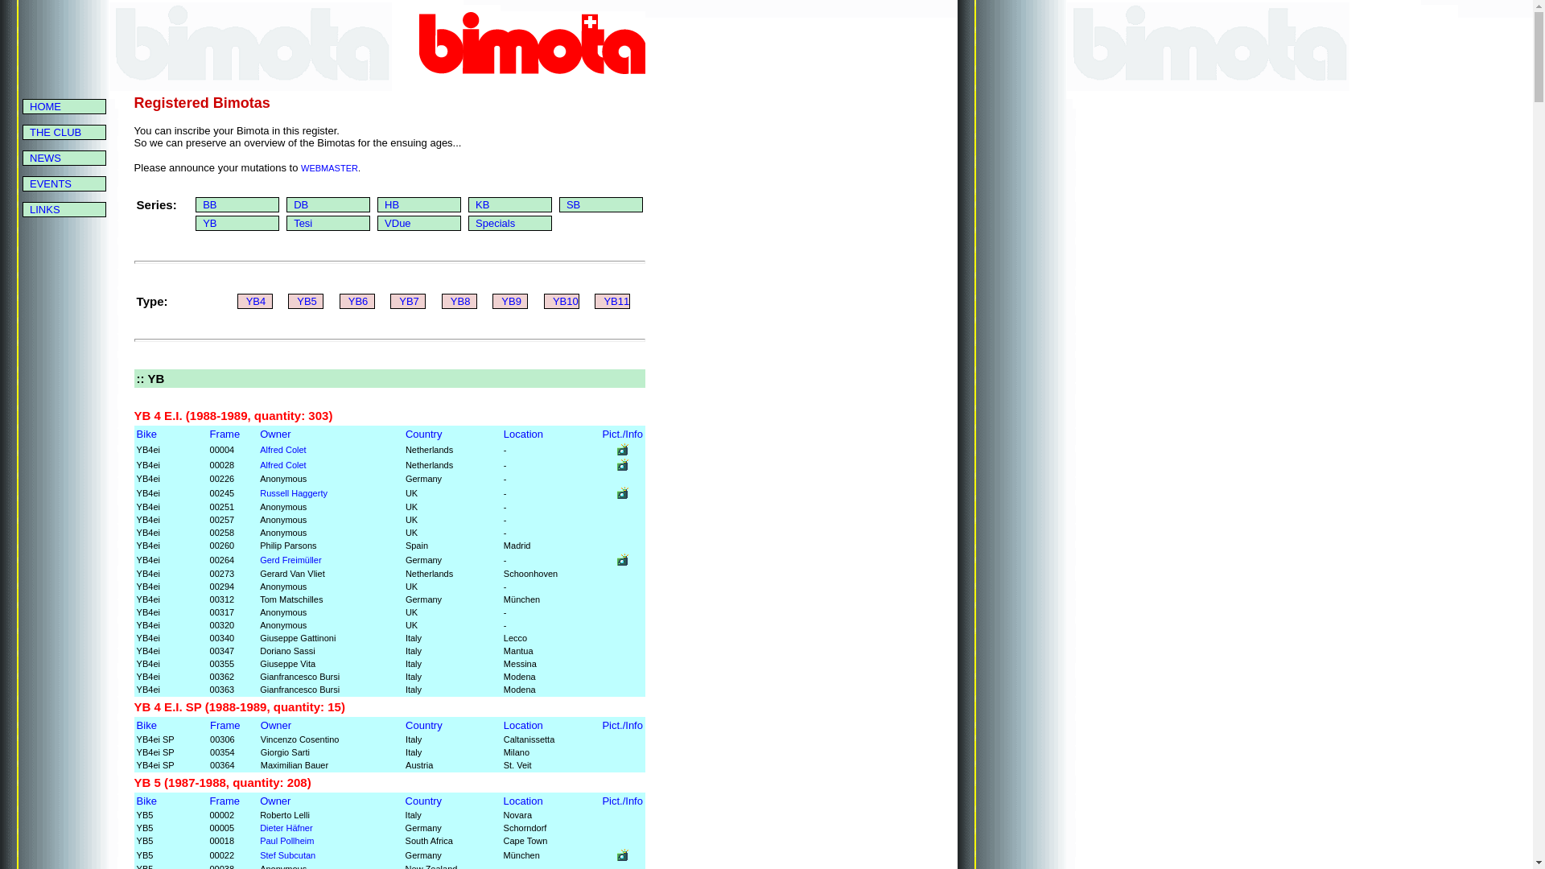 This screenshot has width=1545, height=869. What do you see at coordinates (222, 781) in the screenshot?
I see `'YB 5 (1987-1988, quantity: 208)'` at bounding box center [222, 781].